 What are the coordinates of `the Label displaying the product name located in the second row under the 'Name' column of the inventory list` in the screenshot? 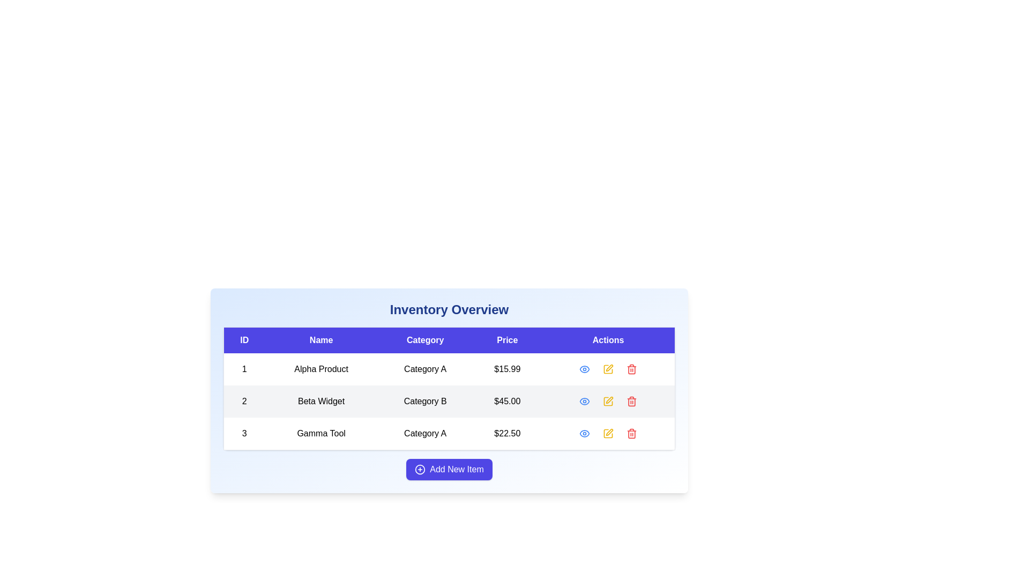 It's located at (320, 401).